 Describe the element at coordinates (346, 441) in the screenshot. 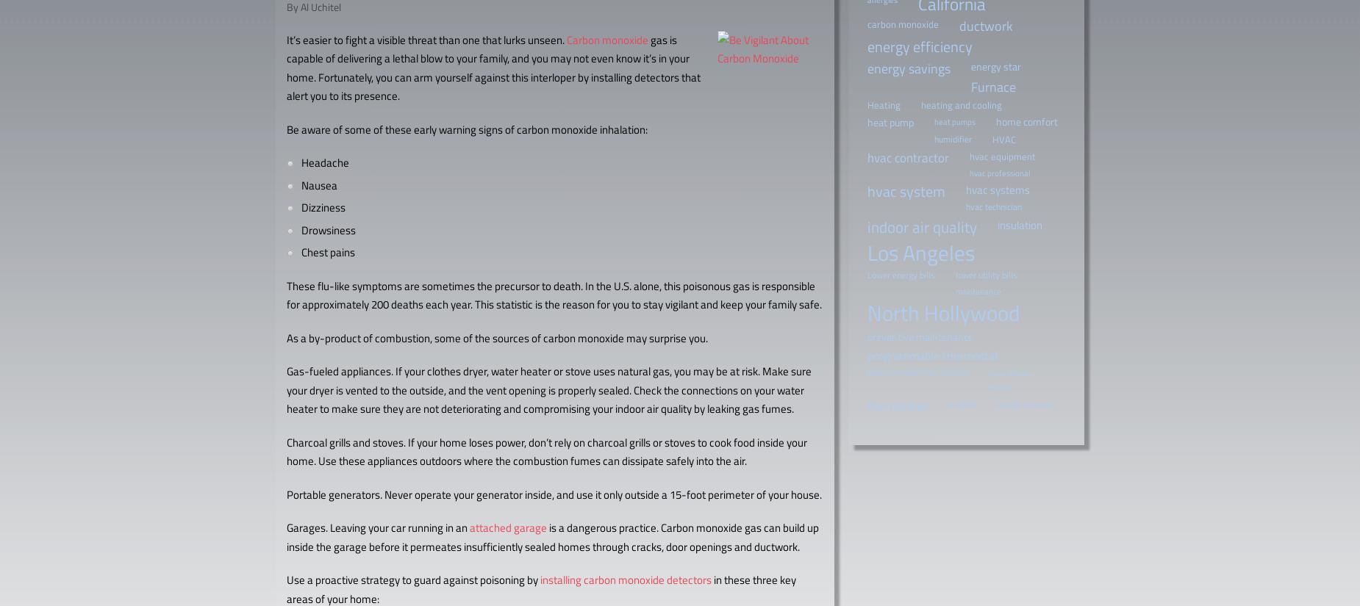

I see `'Charcoal grills and stoves.'` at that location.